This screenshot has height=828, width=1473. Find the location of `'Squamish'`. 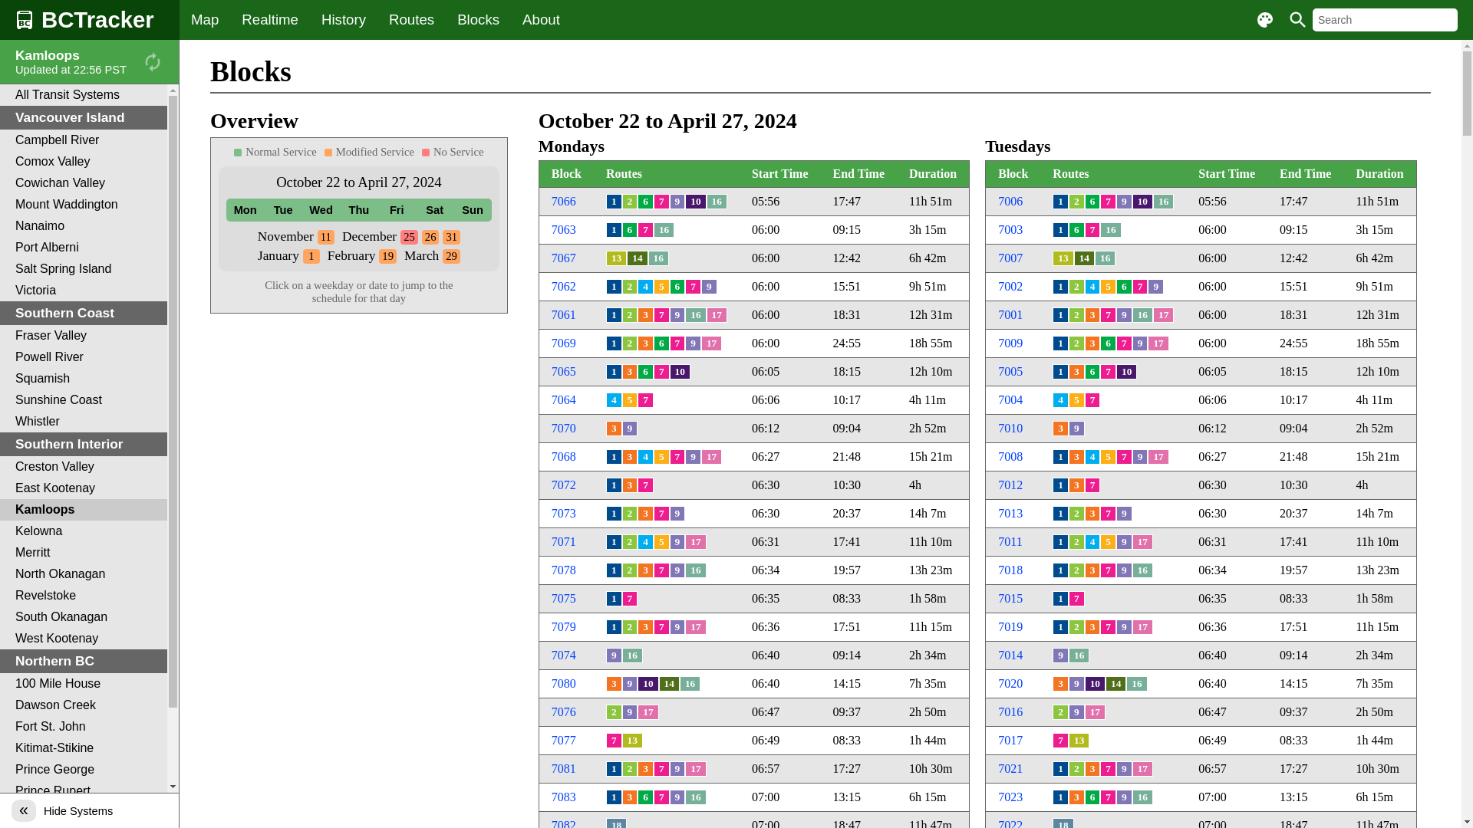

'Squamish' is located at coordinates (83, 378).